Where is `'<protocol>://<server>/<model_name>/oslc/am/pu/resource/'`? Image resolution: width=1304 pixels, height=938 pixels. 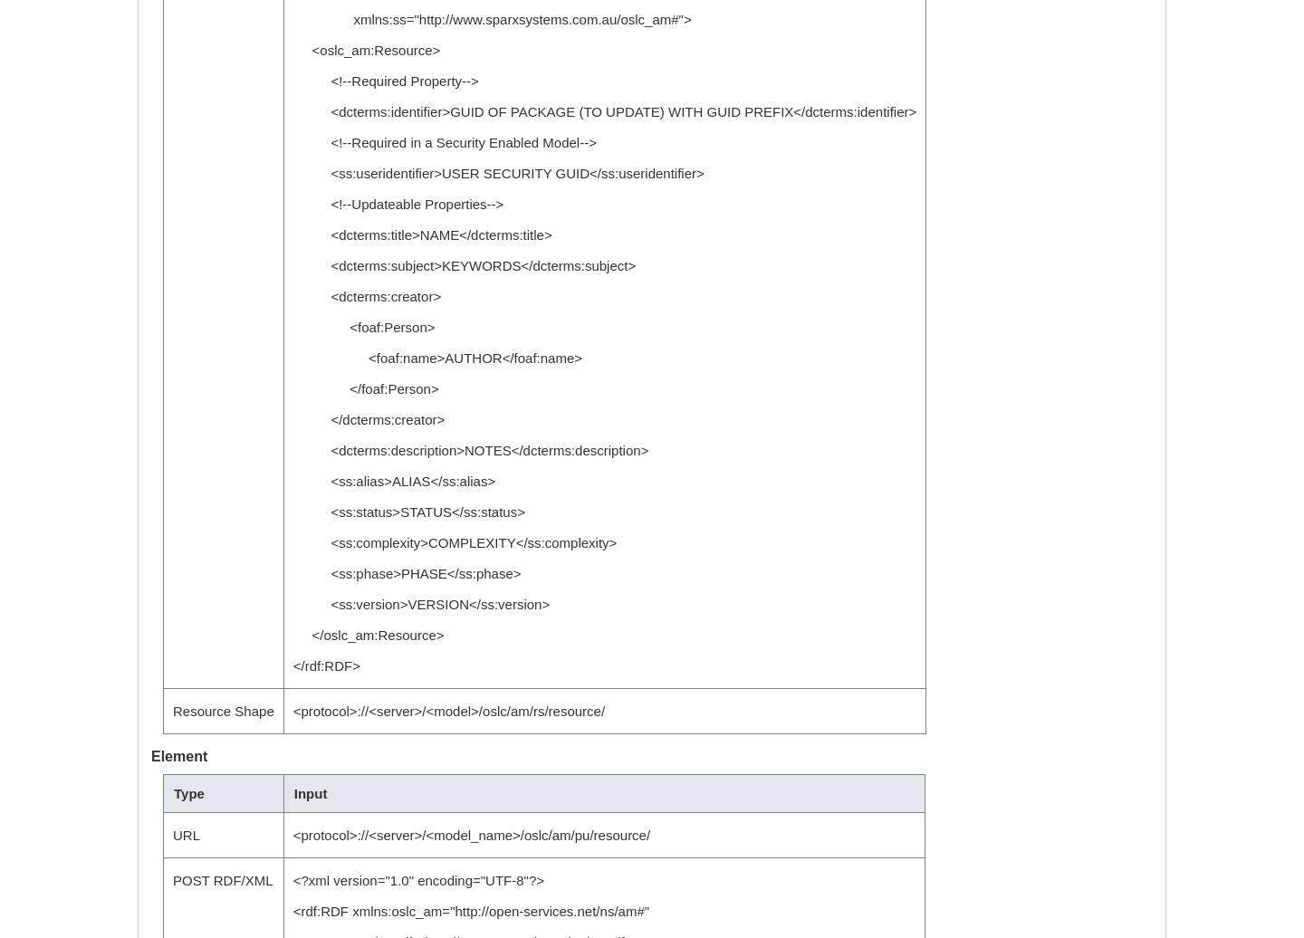
'<protocol>://<server>/<model_name>/oslc/am/pu/resource/' is located at coordinates (470, 835).